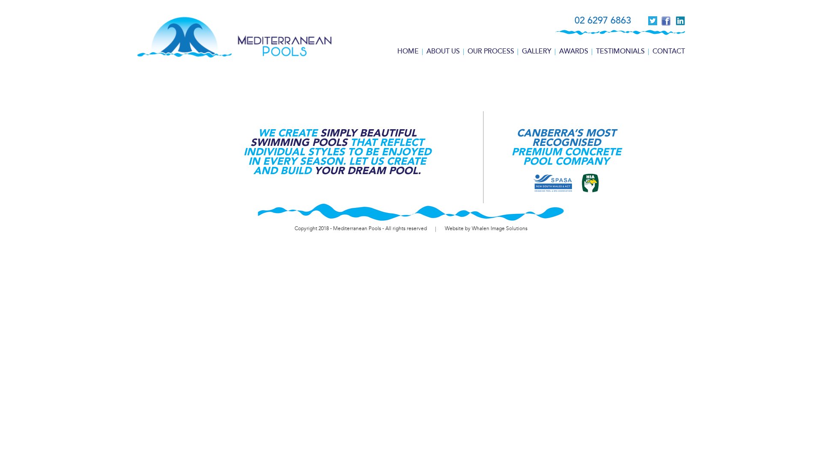 This screenshot has height=462, width=822. What do you see at coordinates (620, 51) in the screenshot?
I see `'TESTIMONIALS'` at bounding box center [620, 51].